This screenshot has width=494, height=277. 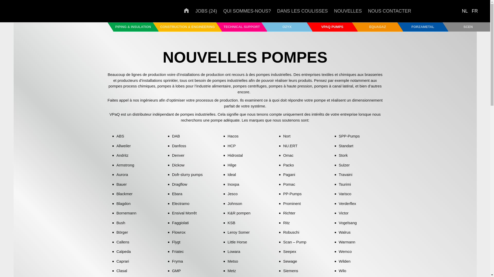 I want to click on 'TECHNICAL SUPPORT', so click(x=244, y=27).